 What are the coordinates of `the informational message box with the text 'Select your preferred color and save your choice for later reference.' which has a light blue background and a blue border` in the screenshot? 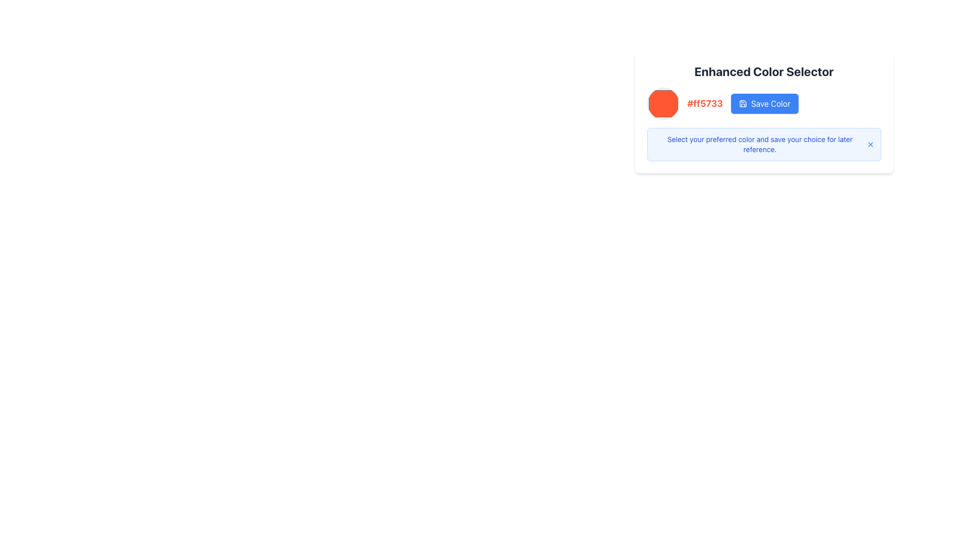 It's located at (764, 144).